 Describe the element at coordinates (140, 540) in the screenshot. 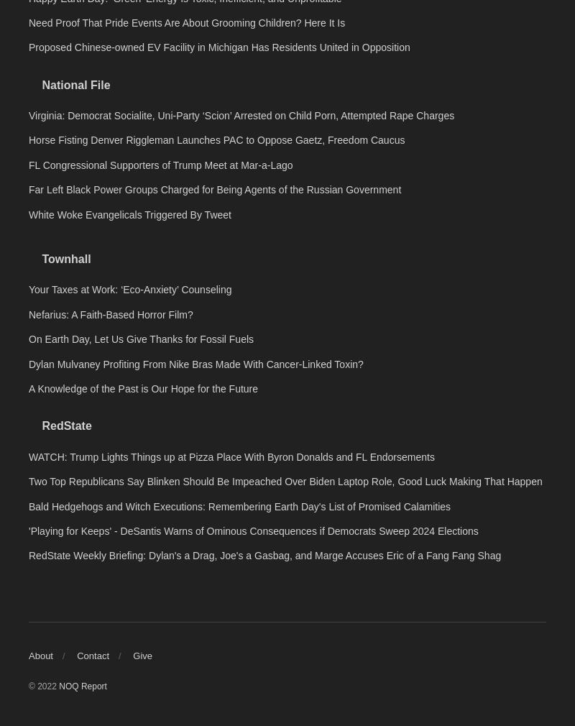

I see `'On Earth Day, Let Us Give Thanks for Fossil Fuels'` at that location.